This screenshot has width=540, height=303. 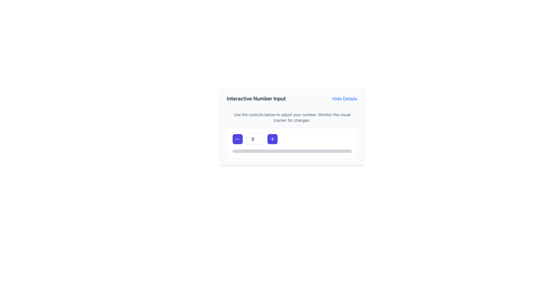 I want to click on the leftmost button in the number adjustment control to decrease the associated numeric value, so click(x=237, y=139).